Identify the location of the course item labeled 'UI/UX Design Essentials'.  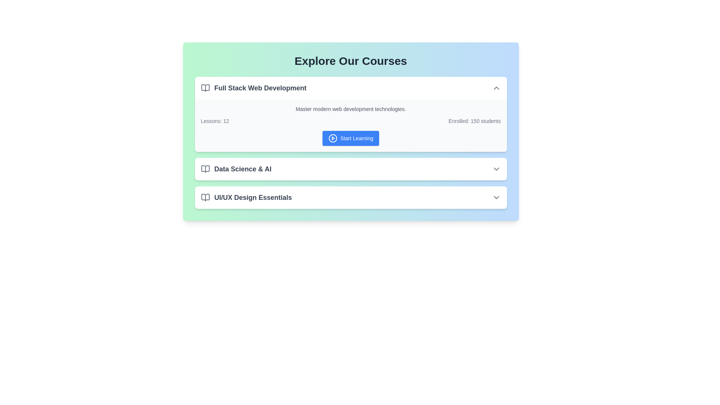
(350, 197).